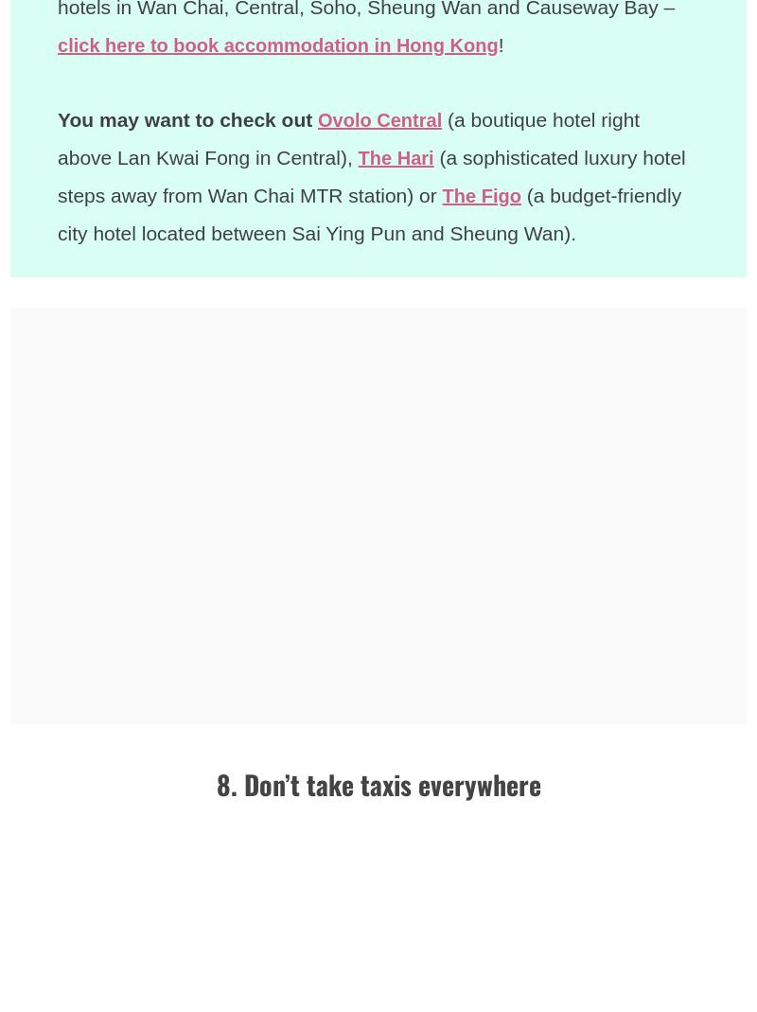 The image size is (757, 1012). Describe the element at coordinates (318, 119) in the screenshot. I see `'Ovolo Central'` at that location.